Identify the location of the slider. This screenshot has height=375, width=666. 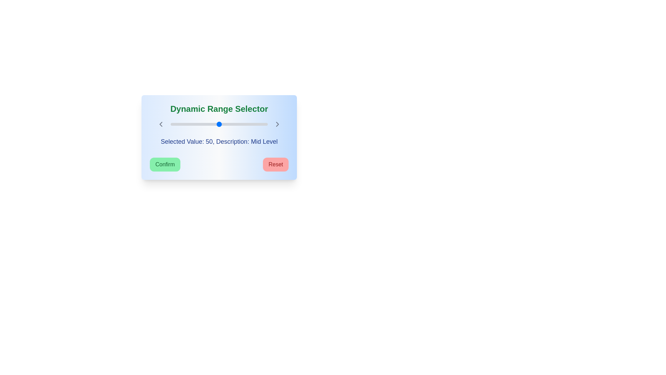
(174, 124).